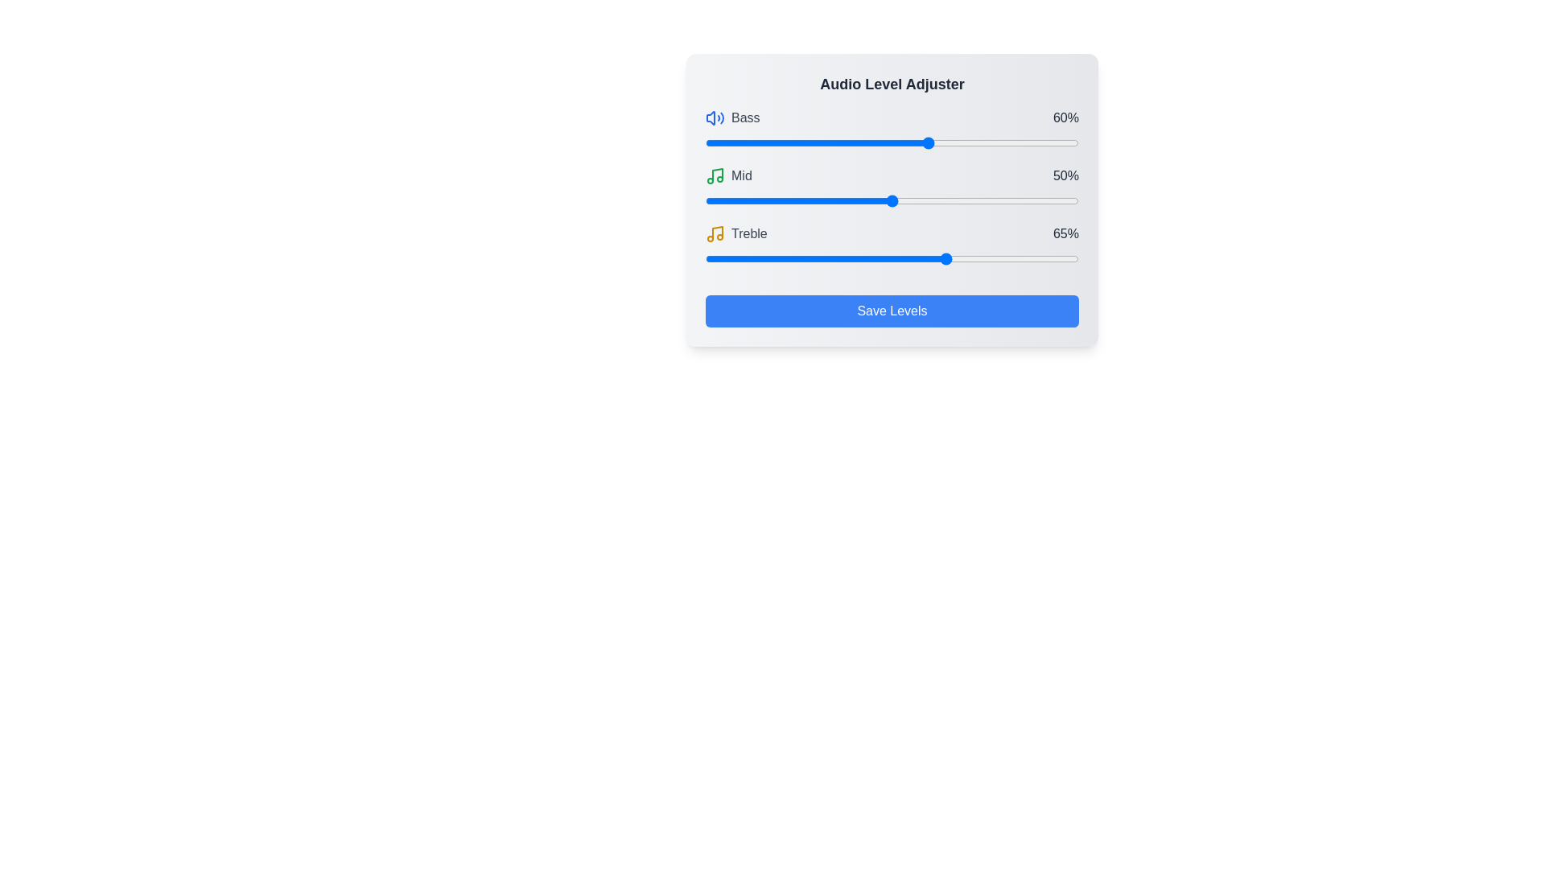  Describe the element at coordinates (981, 200) in the screenshot. I see `the 'Mid' audio level` at that location.